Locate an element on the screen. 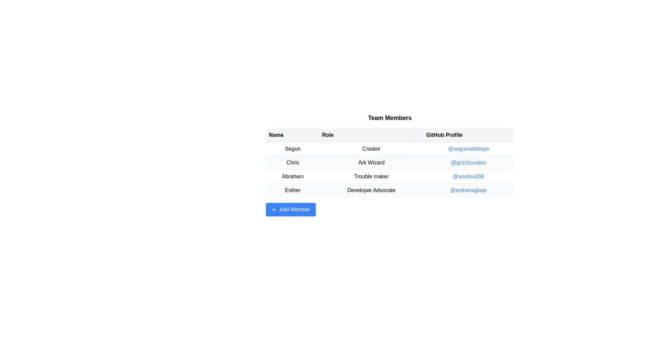  the hyperlink '@grizzlycodes' in the second row of the table under the 'GitHub Profile' column for the team member Chris, who has the role 'Ark Wizard' is located at coordinates (468, 162).